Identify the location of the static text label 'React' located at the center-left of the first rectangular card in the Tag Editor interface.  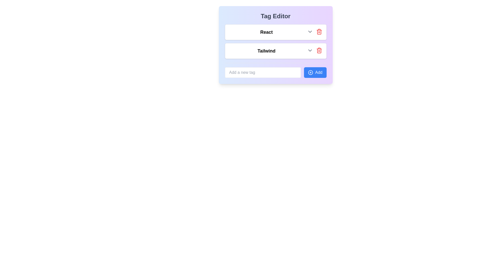
(266, 32).